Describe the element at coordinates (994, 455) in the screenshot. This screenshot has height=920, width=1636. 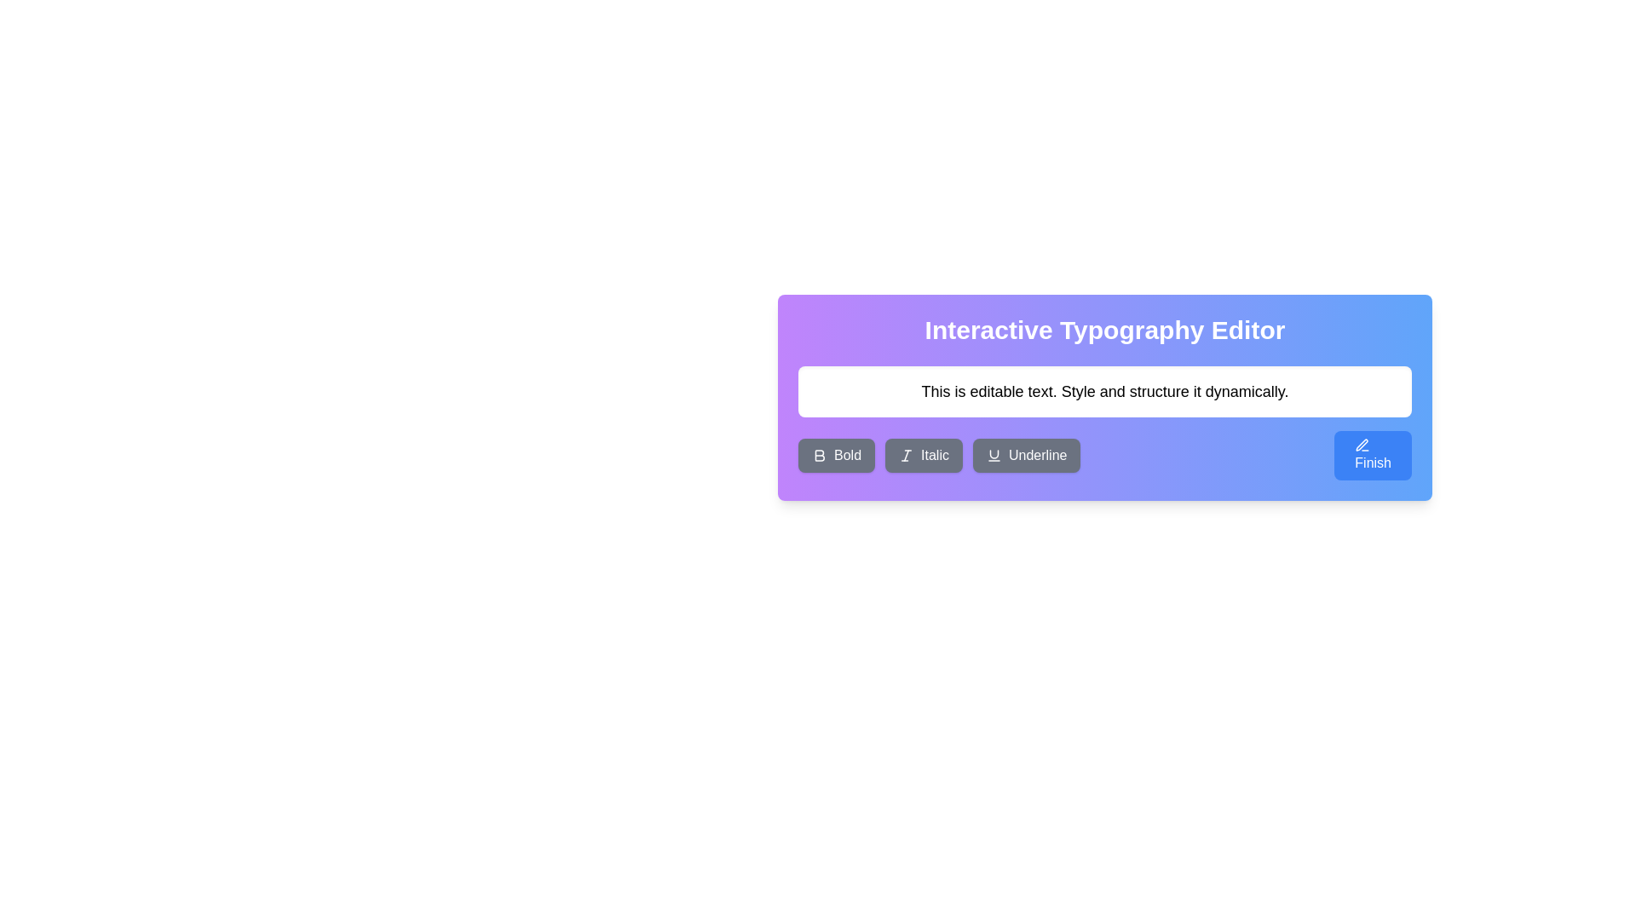
I see `underline icon located as the fourth icon from the left in the text formatting toolbar, which is designed for applying underline style to selected text` at that location.